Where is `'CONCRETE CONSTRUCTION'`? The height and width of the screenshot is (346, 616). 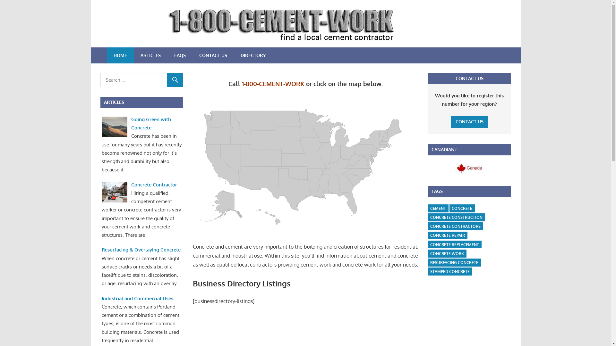
'CONCRETE CONSTRUCTION' is located at coordinates (456, 217).